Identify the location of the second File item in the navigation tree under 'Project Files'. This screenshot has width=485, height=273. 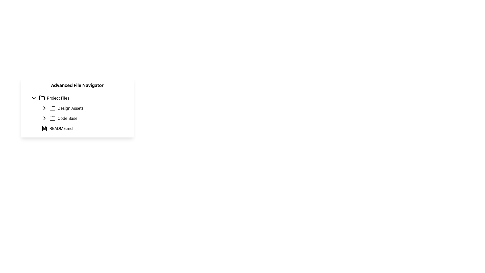
(79, 118).